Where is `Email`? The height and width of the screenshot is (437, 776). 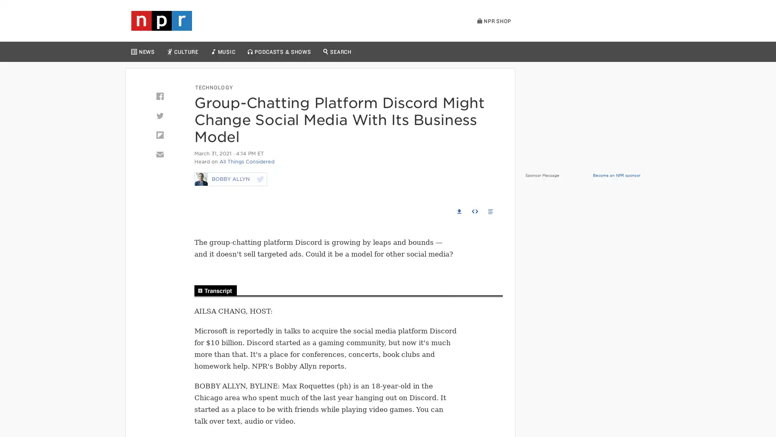 Email is located at coordinates (159, 154).